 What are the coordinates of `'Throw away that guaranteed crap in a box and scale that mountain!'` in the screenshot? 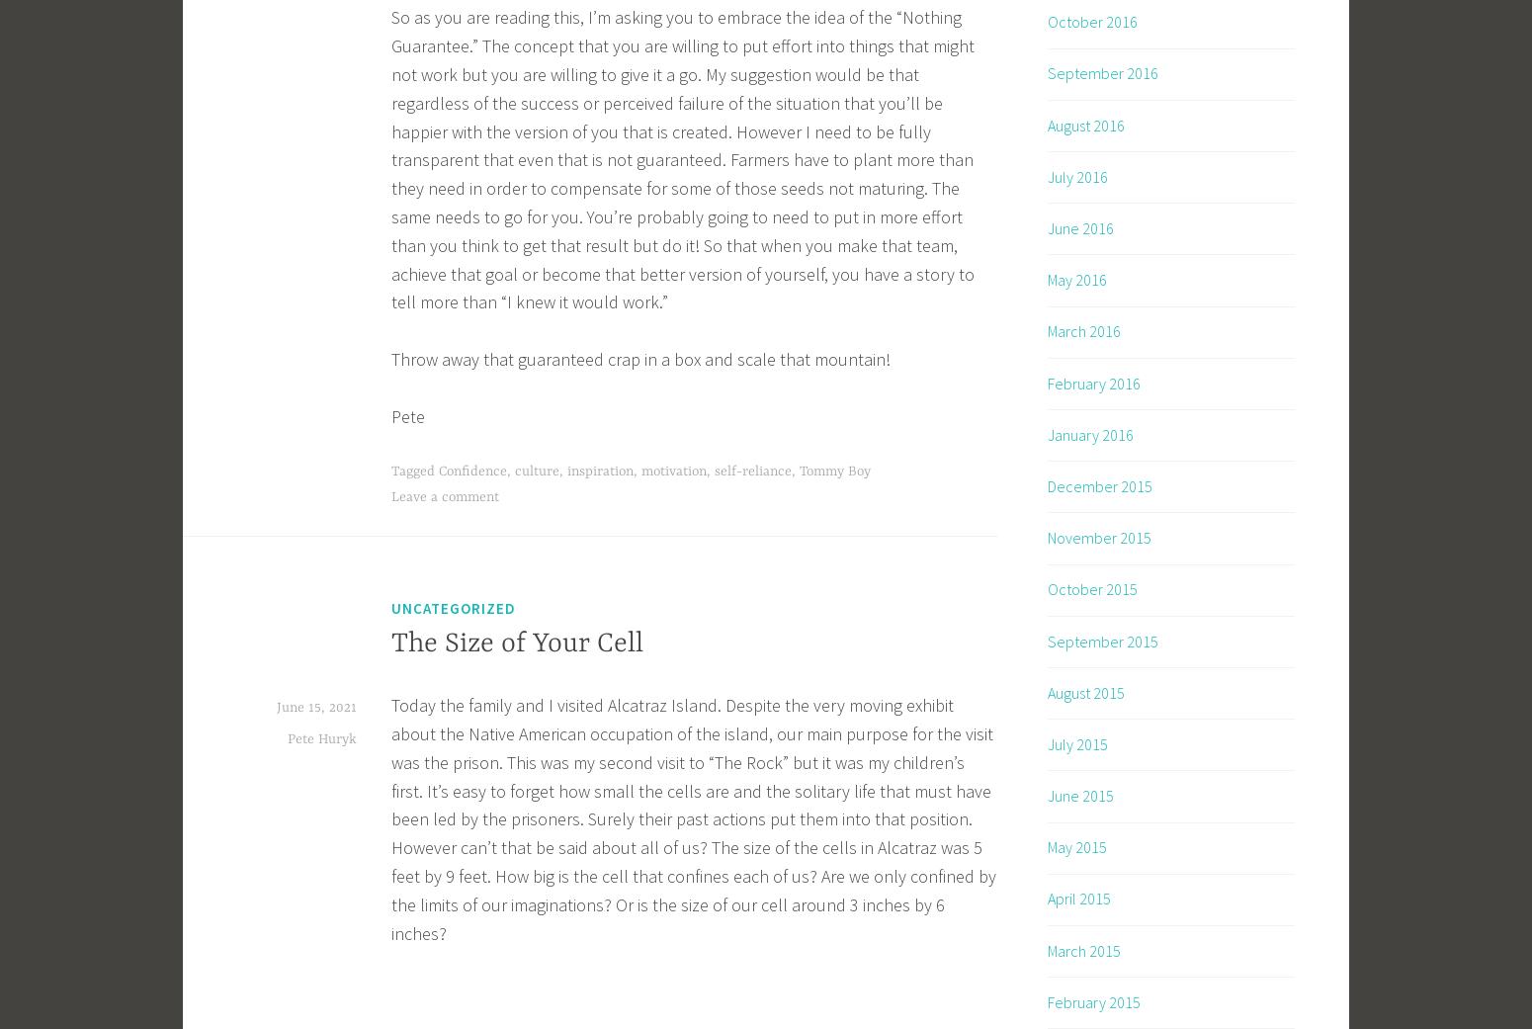 It's located at (391, 359).